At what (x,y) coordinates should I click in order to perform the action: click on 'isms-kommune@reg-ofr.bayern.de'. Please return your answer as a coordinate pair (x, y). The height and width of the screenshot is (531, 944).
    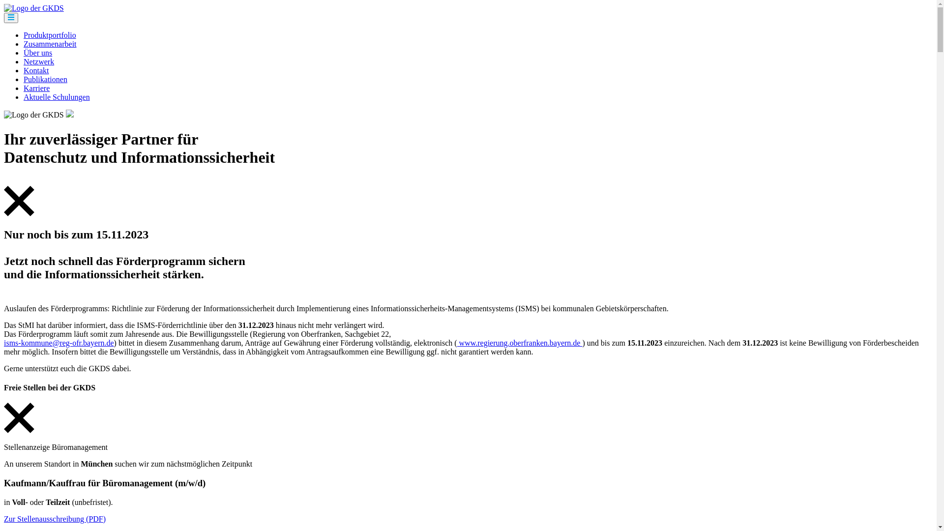
    Looking at the image, I should click on (59, 342).